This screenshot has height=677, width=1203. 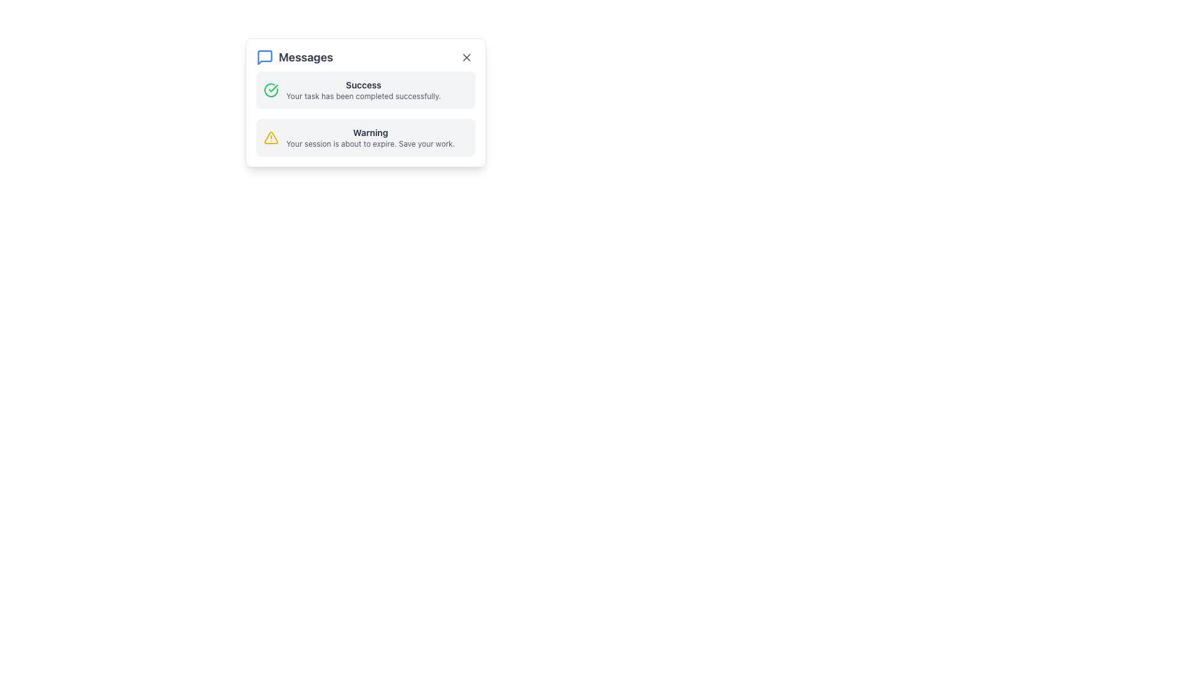 What do you see at coordinates (363, 85) in the screenshot?
I see `the success notification title Text Label located at the top-center of the 'Messages' notification card` at bounding box center [363, 85].